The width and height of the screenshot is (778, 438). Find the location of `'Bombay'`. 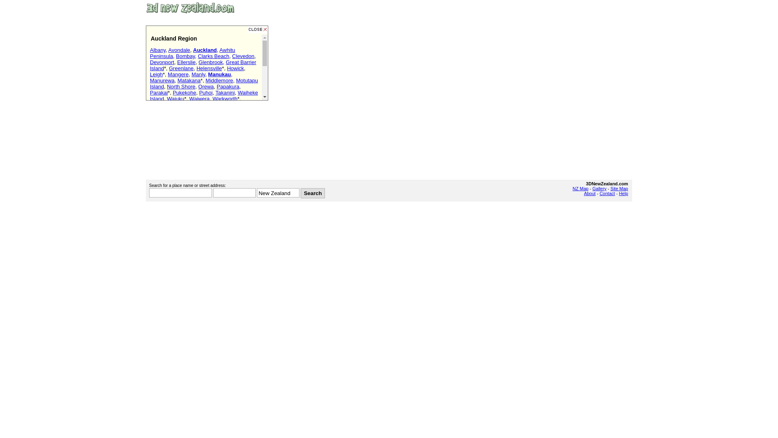

'Bombay' is located at coordinates (185, 56).